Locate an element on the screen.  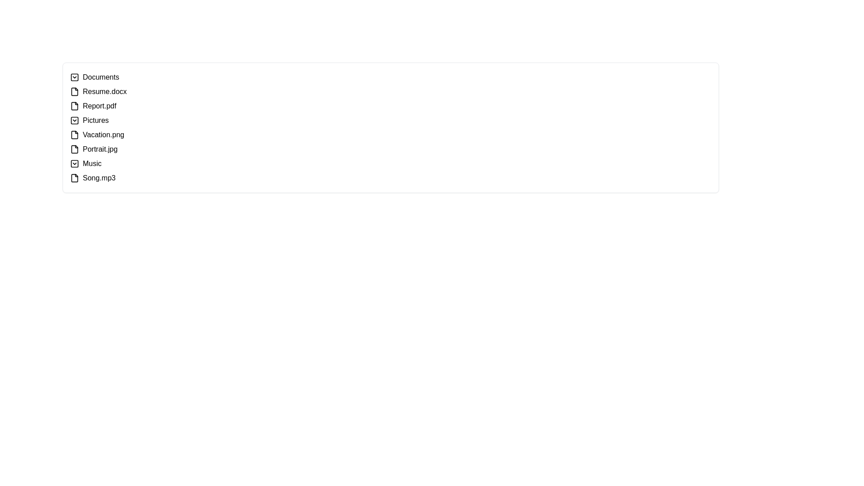
the 'Documents' category label is located at coordinates (101, 77).